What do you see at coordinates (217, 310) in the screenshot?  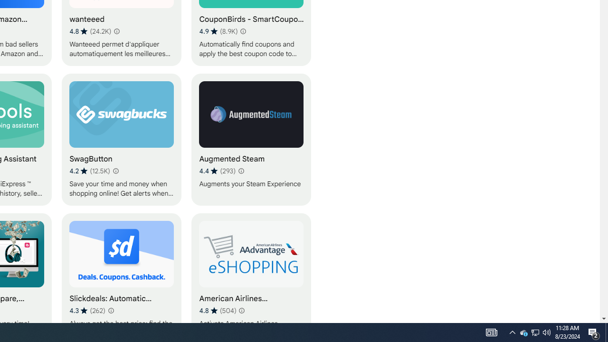 I see `'Average rating 4.8 out of 5 stars. 504 ratings.'` at bounding box center [217, 310].